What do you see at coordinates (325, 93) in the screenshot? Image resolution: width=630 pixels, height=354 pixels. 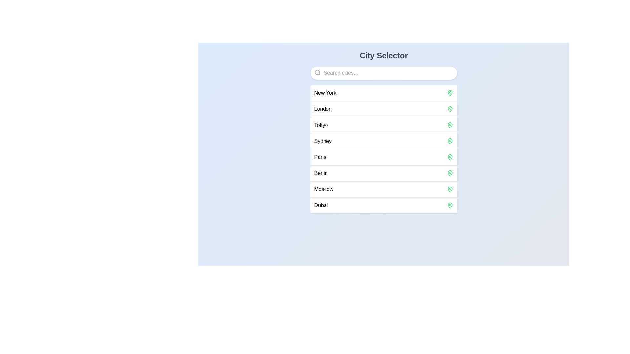 I see `the 'New York' city name text label, which is the first item in the vertically-arranged list of city names near the top of the central panel` at bounding box center [325, 93].